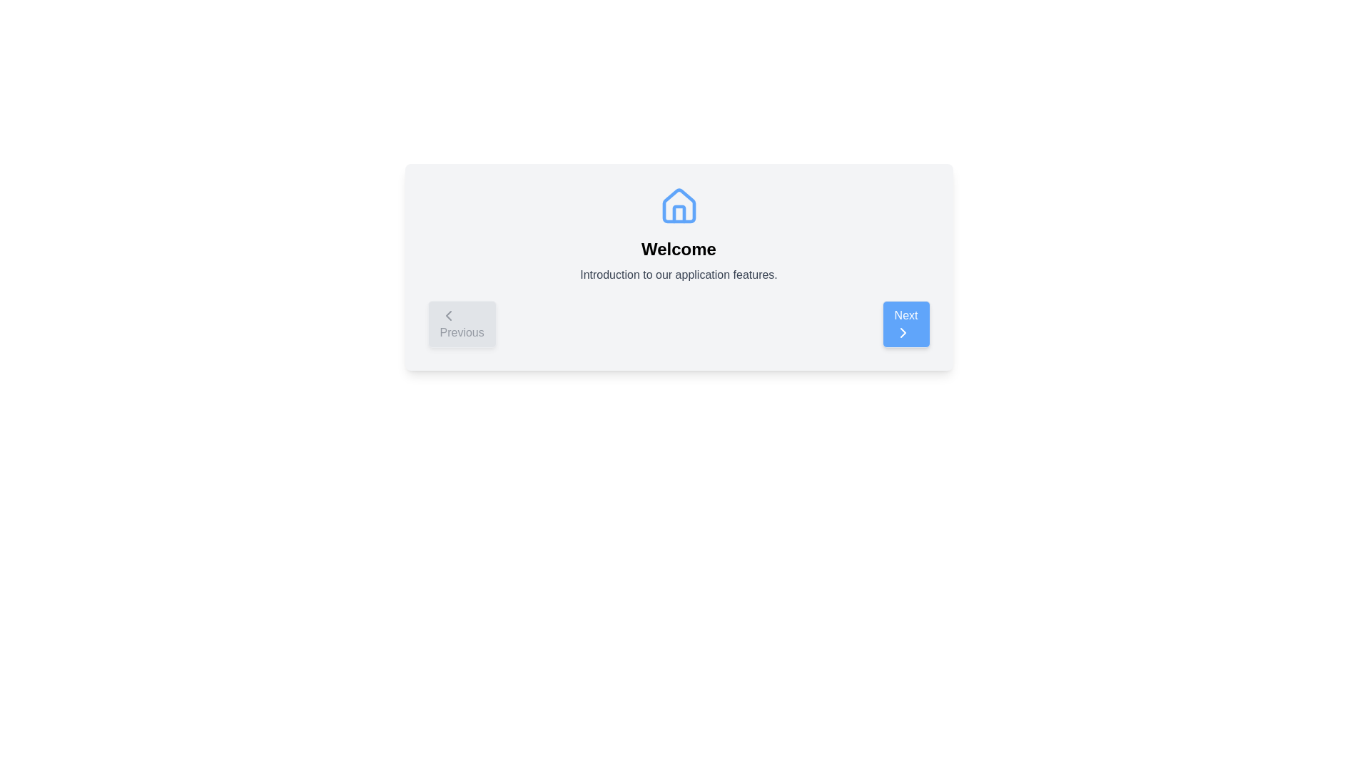 The image size is (1370, 770). I want to click on the header text that prominently welcomes users to the application, positioned below the house icon and above the descriptive text 'Introduction to our application features.', so click(678, 249).